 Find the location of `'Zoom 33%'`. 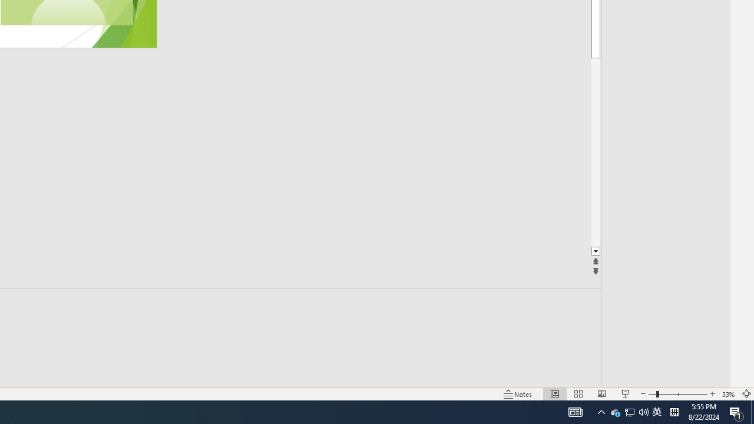

'Zoom 33%' is located at coordinates (728, 394).